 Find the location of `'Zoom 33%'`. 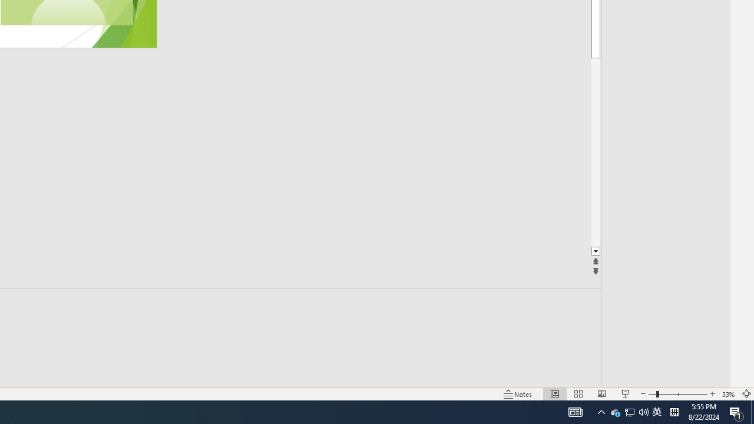

'Zoom 33%' is located at coordinates (728, 394).